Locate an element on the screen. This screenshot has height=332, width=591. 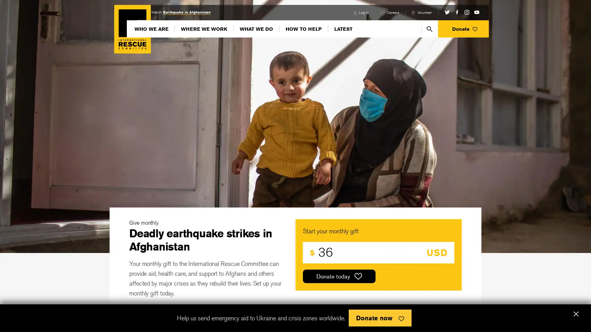
Donate today is located at coordinates (339, 276).